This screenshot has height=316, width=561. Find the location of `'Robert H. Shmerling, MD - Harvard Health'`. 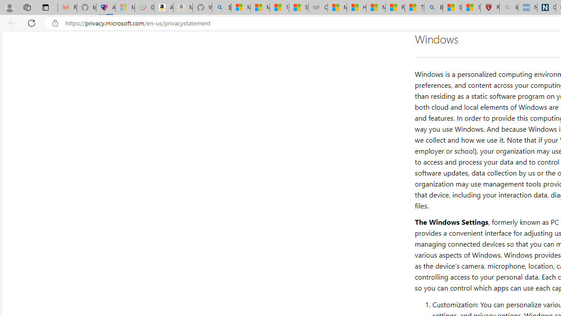

'Robert H. Shmerling, MD - Harvard Health' is located at coordinates (490, 7).